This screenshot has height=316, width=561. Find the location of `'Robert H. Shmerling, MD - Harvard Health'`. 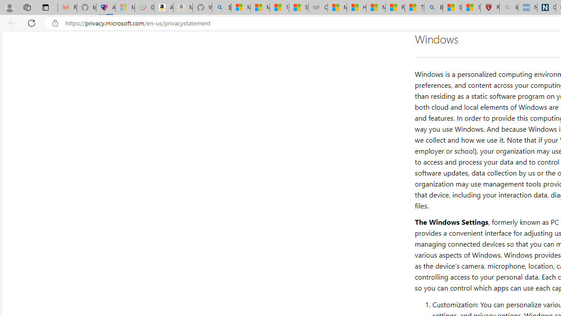

'Robert H. Shmerling, MD - Harvard Health' is located at coordinates (490, 7).